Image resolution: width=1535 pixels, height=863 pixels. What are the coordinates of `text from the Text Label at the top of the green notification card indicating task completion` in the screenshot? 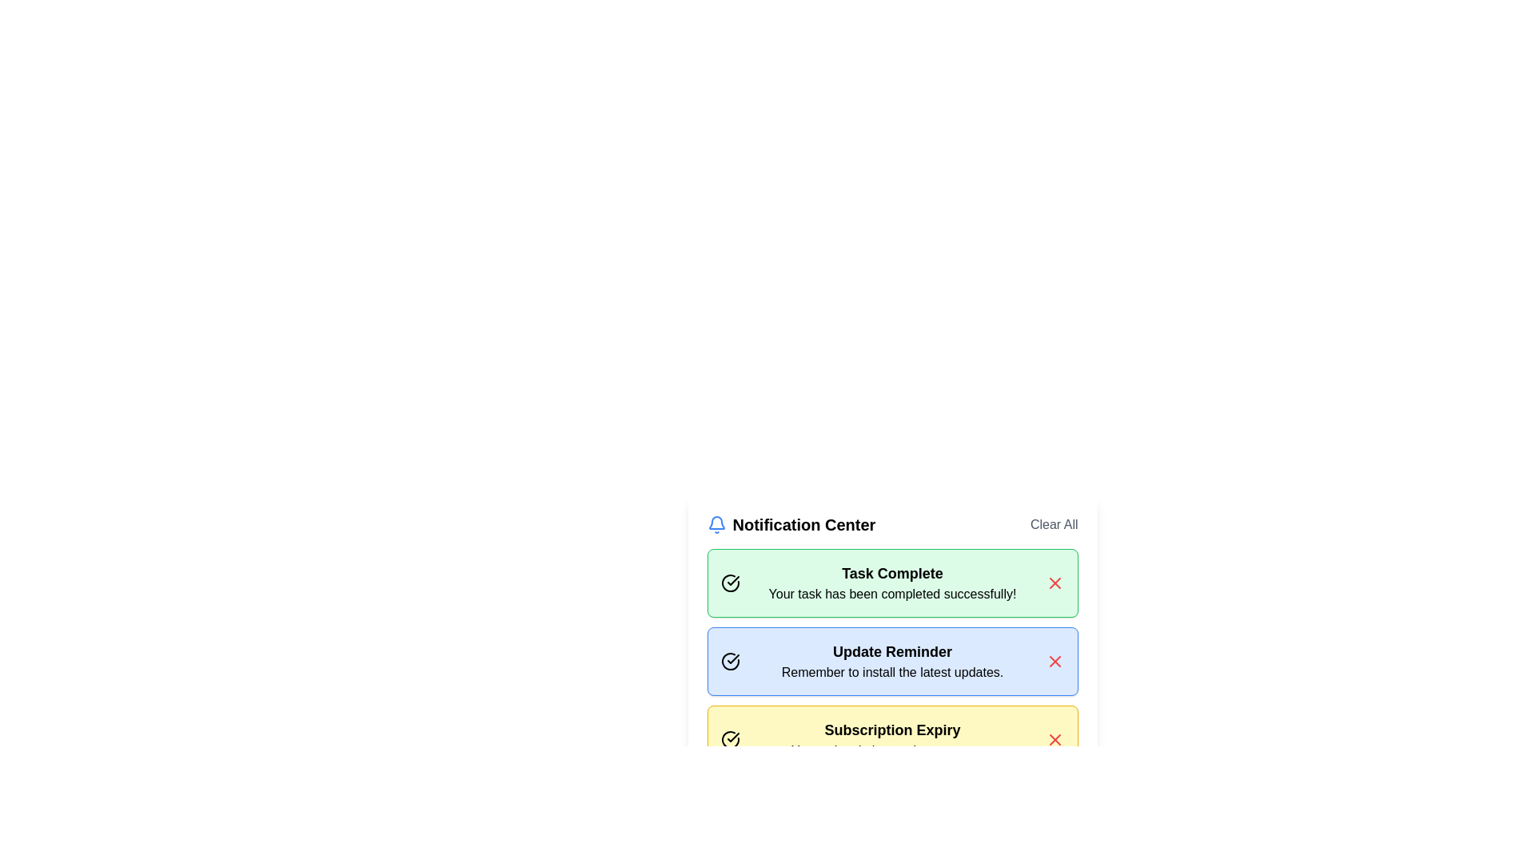 It's located at (891, 572).